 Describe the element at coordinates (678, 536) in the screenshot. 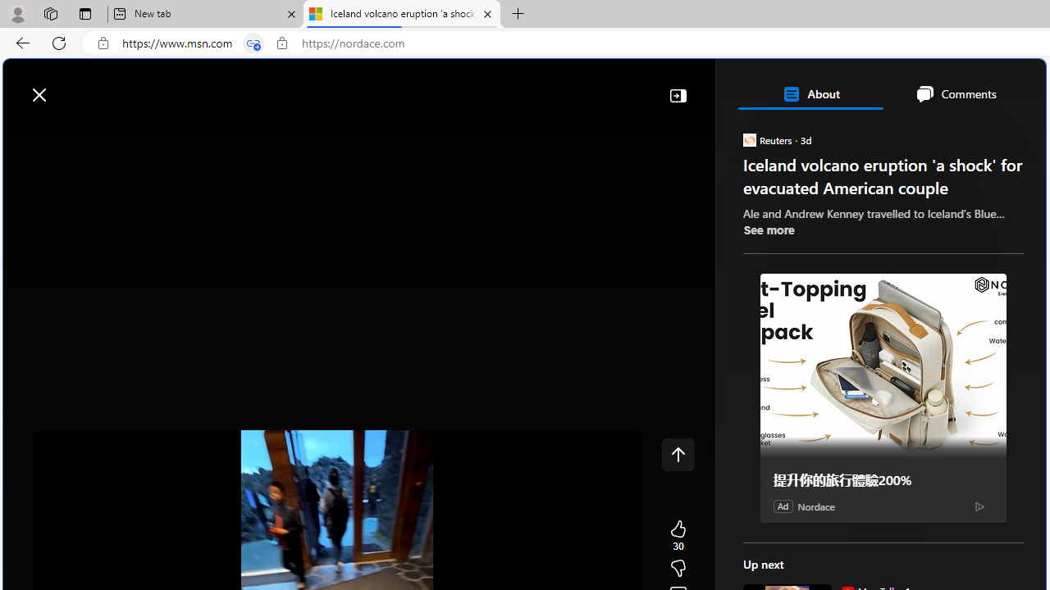

I see `'30 Like'` at that location.